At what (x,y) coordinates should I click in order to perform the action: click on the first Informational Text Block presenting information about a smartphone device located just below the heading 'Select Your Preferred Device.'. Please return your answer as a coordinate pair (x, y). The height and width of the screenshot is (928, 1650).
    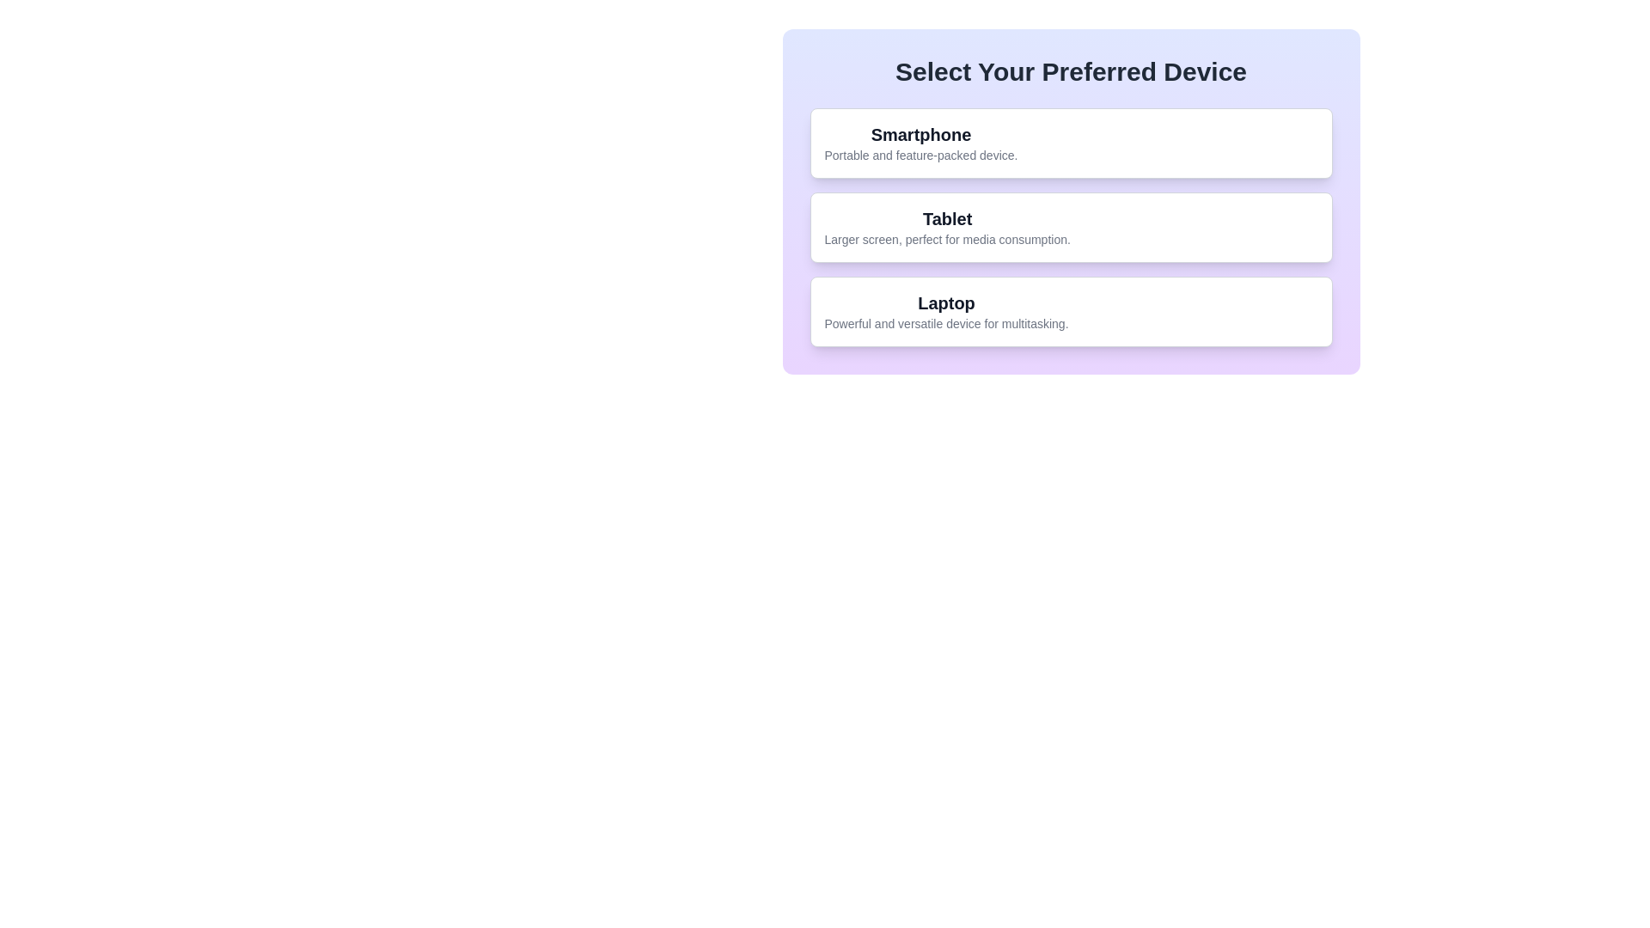
    Looking at the image, I should click on (920, 142).